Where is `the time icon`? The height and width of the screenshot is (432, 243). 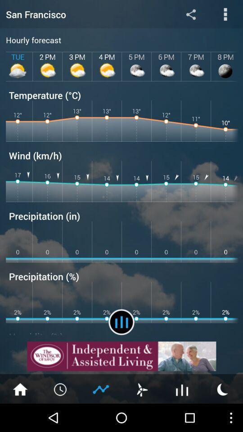
the time icon is located at coordinates (61, 416).